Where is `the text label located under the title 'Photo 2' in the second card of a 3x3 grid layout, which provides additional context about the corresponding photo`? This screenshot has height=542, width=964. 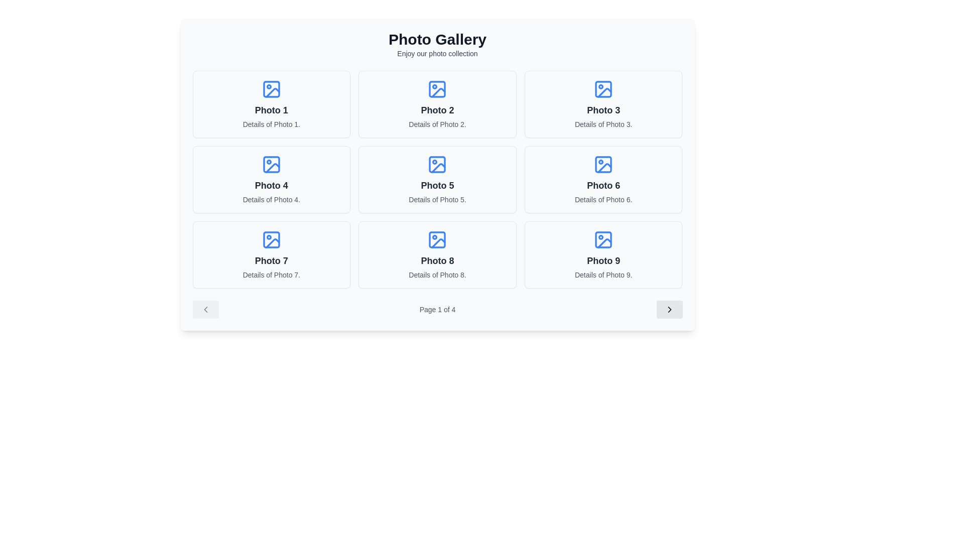 the text label located under the title 'Photo 2' in the second card of a 3x3 grid layout, which provides additional context about the corresponding photo is located at coordinates (437, 123).